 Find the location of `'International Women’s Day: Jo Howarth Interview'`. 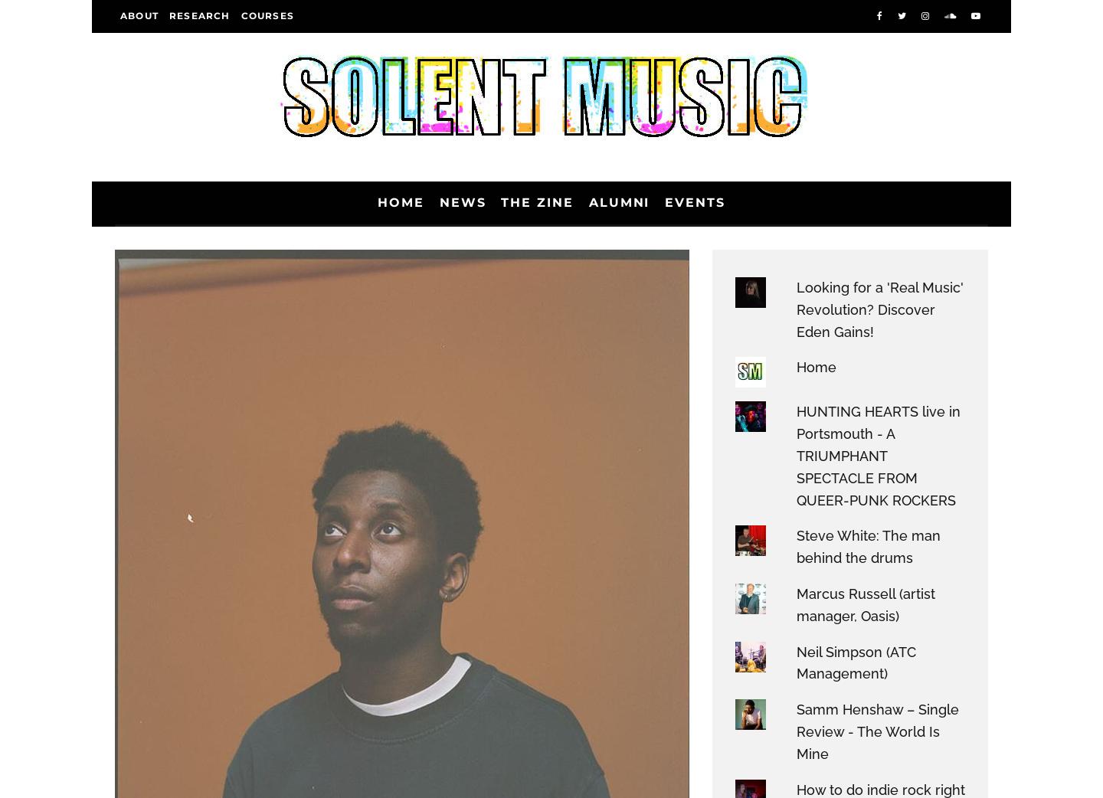

'International Women’s Day: Jo Howarth Interview' is located at coordinates (829, 497).